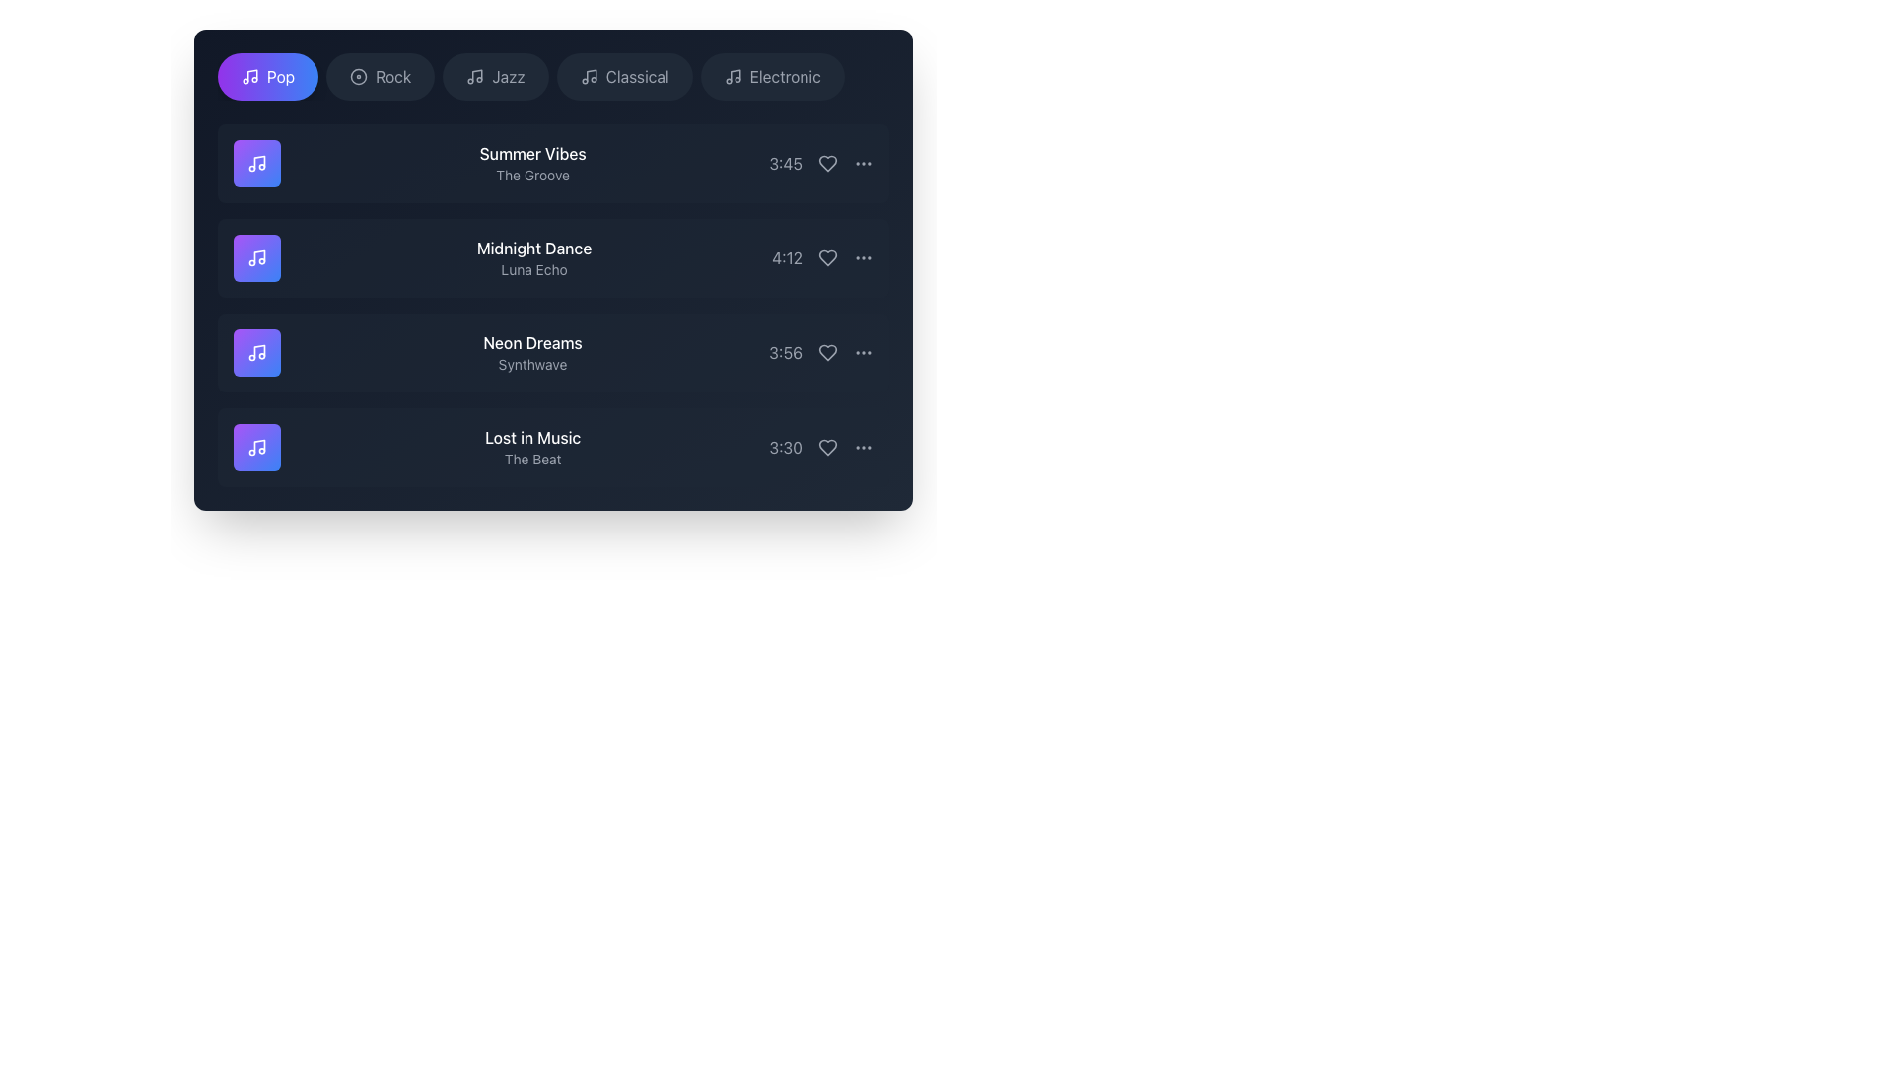 The height and width of the screenshot is (1065, 1893). What do you see at coordinates (393, 75) in the screenshot?
I see `the text label displaying 'Rock'` at bounding box center [393, 75].